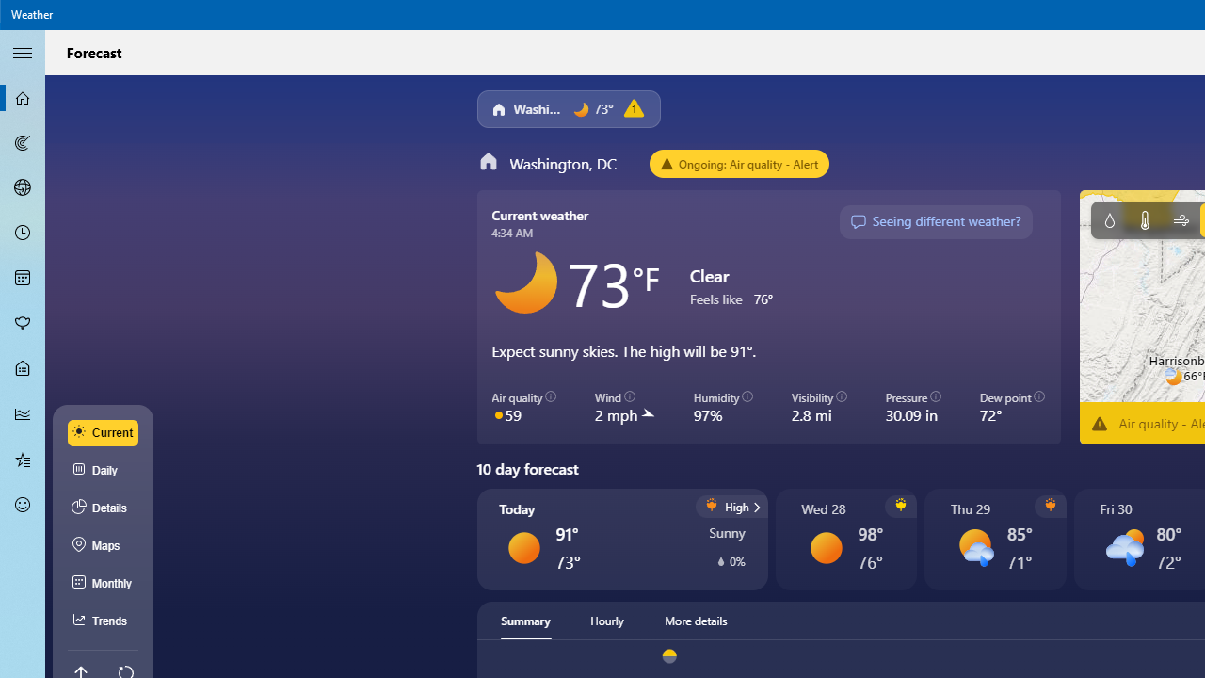 The image size is (1205, 678). What do you see at coordinates (23, 412) in the screenshot?
I see `'Historical Weather - Not Selected'` at bounding box center [23, 412].